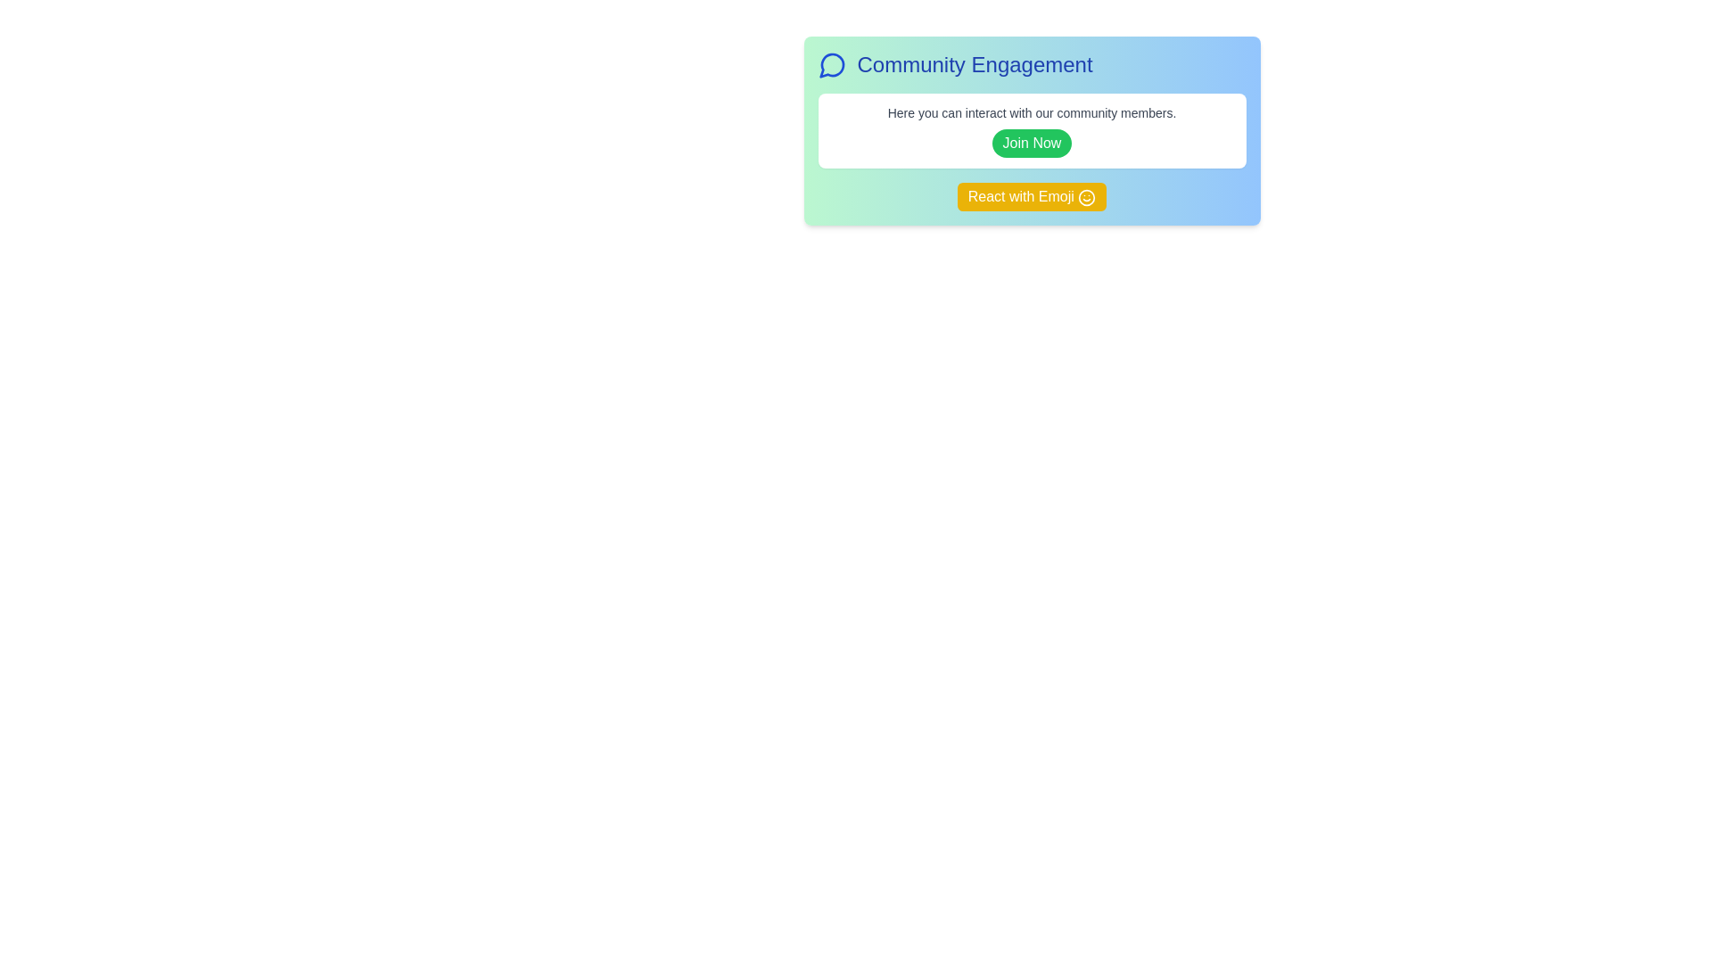  Describe the element at coordinates (1032, 143) in the screenshot. I see `the call-to-action button that is centrally placed and triggers interactive actions for community participation, changing its color to indicate interactivity` at that location.